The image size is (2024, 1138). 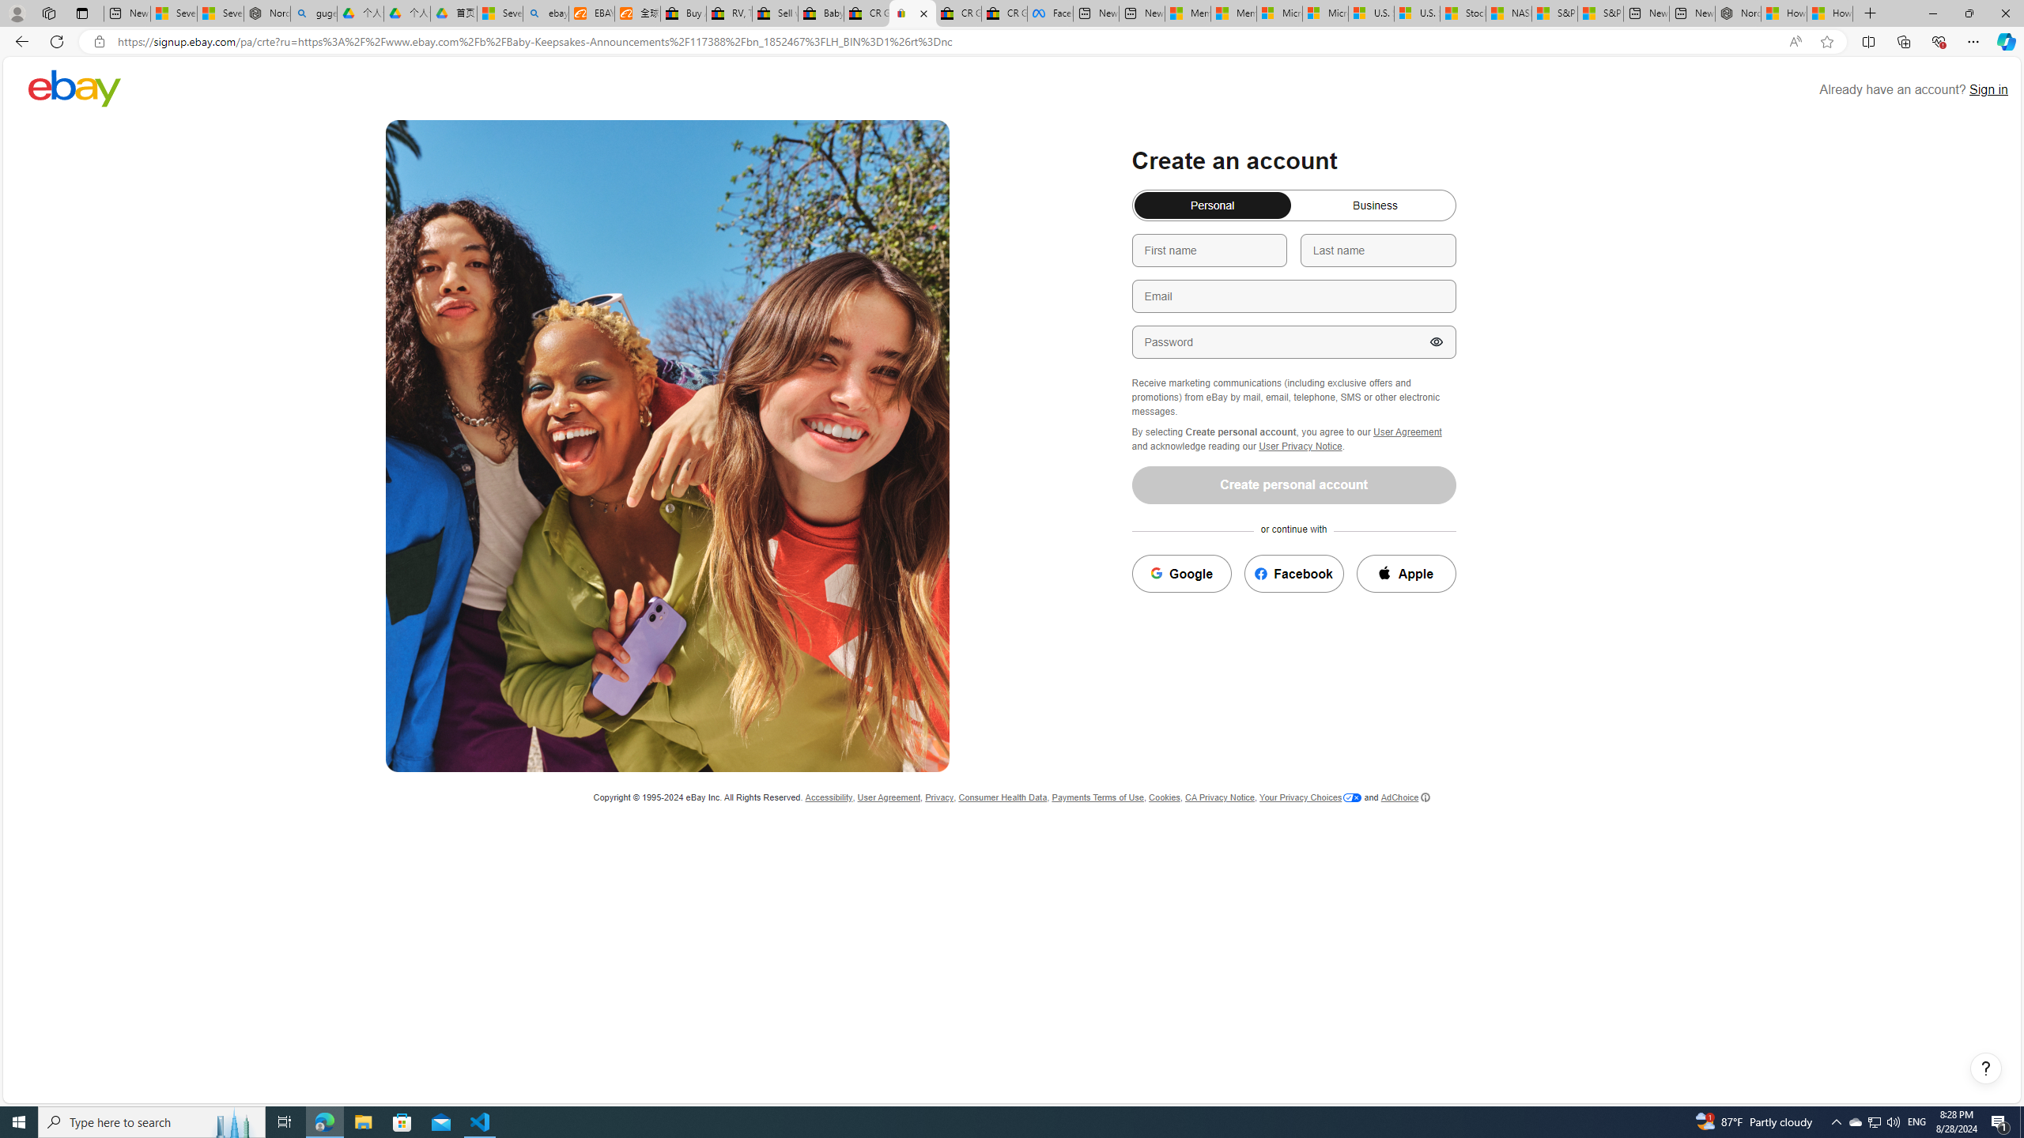 I want to click on 'Cookies', so click(x=1164, y=797).